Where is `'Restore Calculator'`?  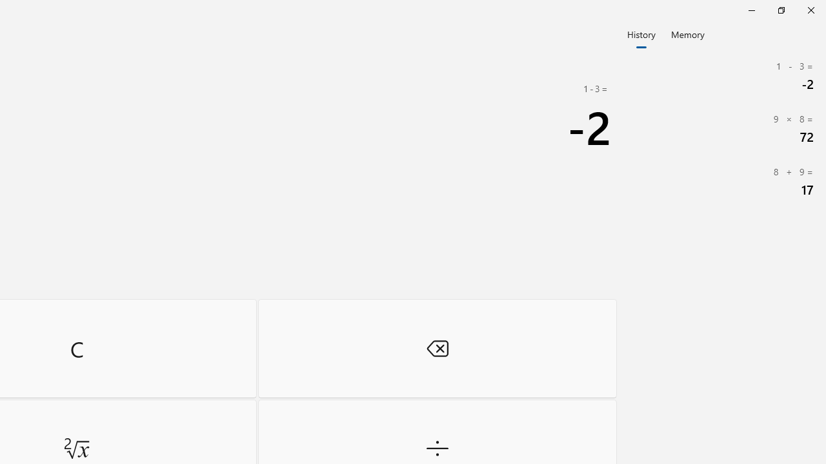
'Restore Calculator' is located at coordinates (780, 10).